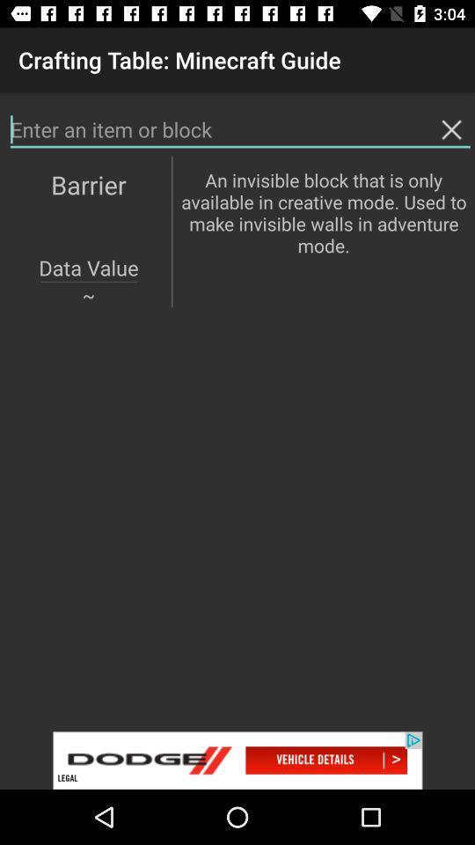 This screenshot has width=475, height=845. I want to click on close, so click(451, 129).